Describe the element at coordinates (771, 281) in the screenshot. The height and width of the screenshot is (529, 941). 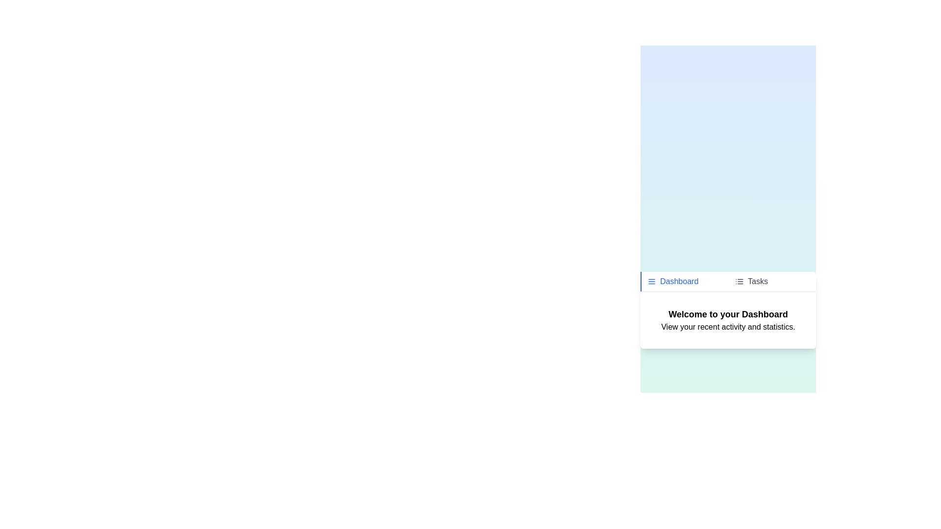
I see `the tab labeled Tasks` at that location.